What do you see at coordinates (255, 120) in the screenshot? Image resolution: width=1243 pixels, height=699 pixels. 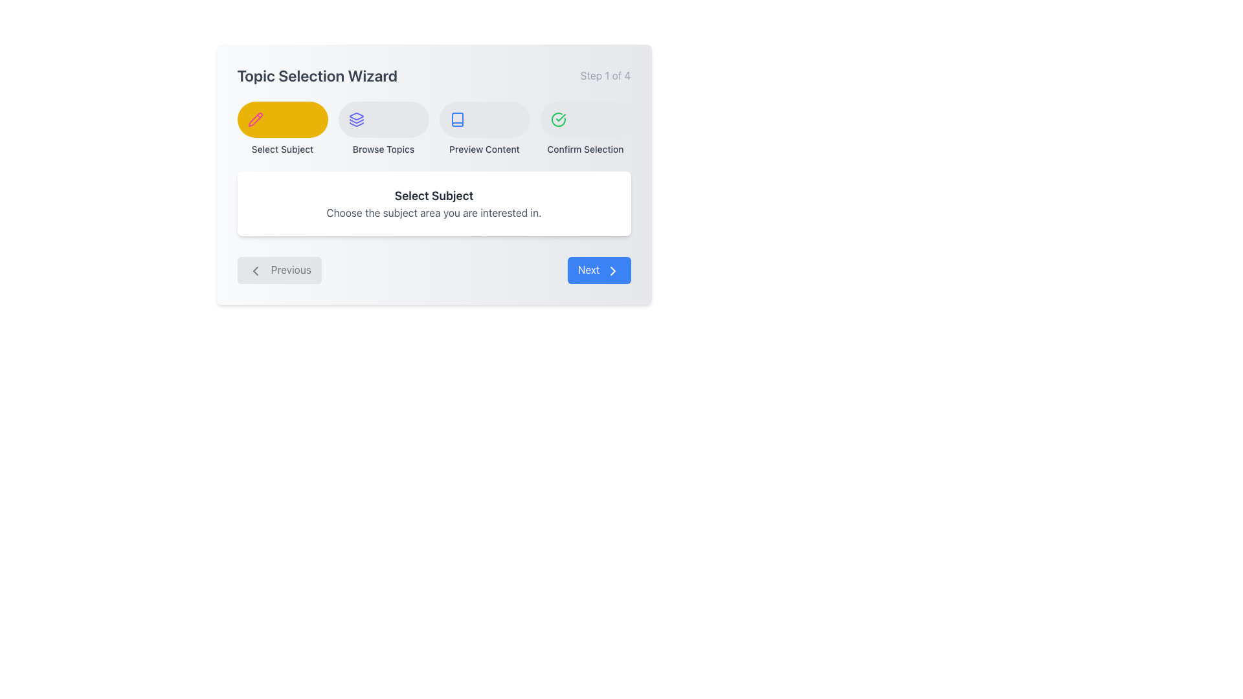 I see `the pink pencil icon within the circular yellow background located in the leftmost yellow circular button in the 'Topic Selection Wizard' interface` at bounding box center [255, 120].